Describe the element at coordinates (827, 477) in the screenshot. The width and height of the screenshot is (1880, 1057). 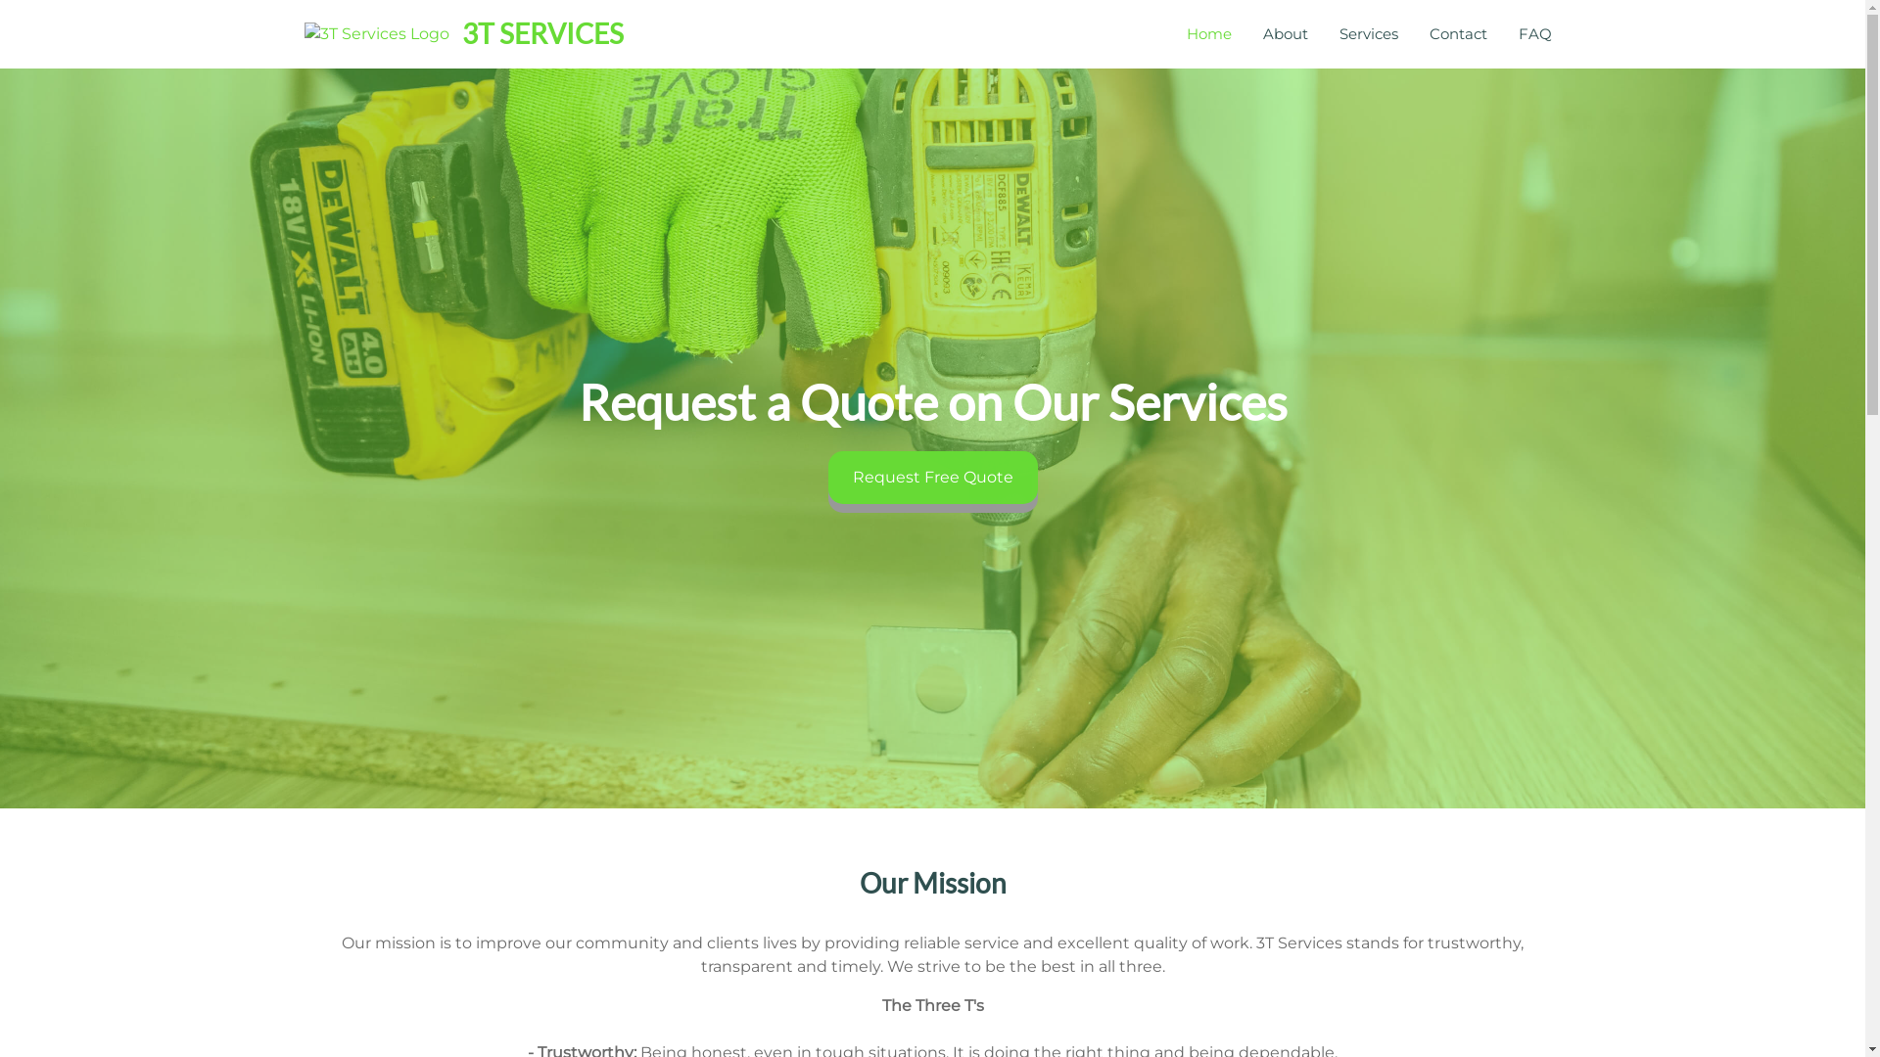
I see `'Request Free Quote'` at that location.